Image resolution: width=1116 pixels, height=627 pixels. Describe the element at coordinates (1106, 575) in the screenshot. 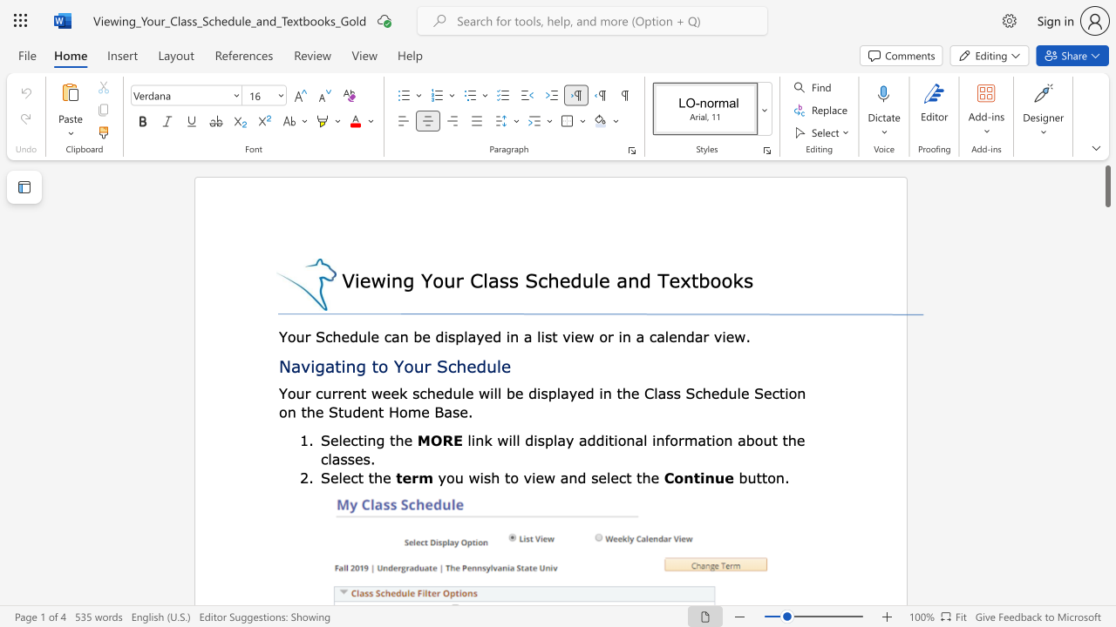

I see `the scrollbar to move the content lower` at that location.